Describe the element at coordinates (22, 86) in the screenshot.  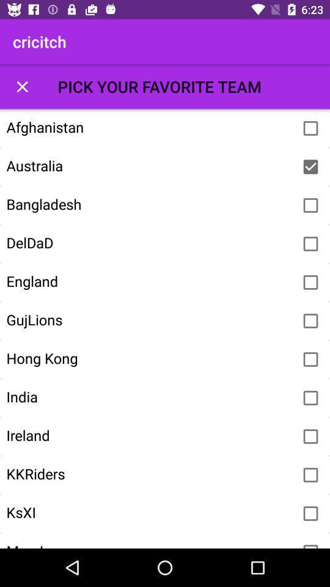
I see `the item above the afghanistan icon` at that location.